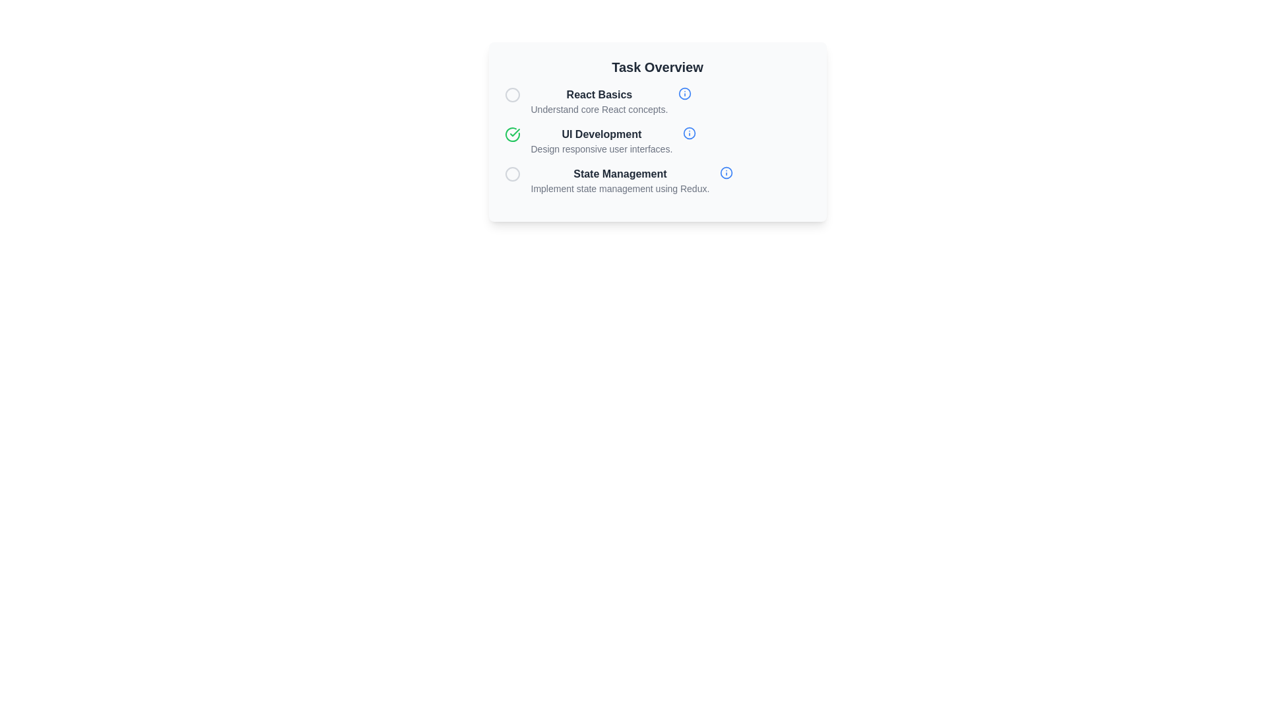 The height and width of the screenshot is (713, 1267). Describe the element at coordinates (511, 135) in the screenshot. I see `the completion icon indicating the status of the 'UI Development' task` at that location.